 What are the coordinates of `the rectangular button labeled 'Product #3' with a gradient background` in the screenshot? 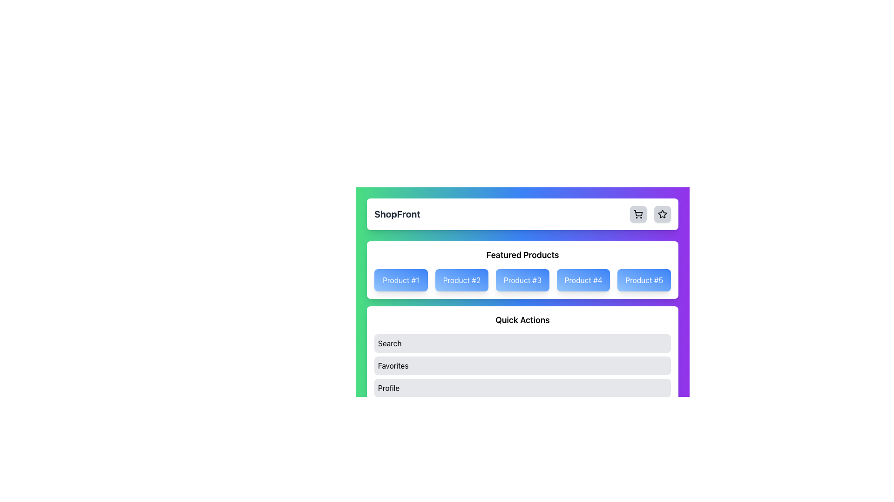 It's located at (522, 279).